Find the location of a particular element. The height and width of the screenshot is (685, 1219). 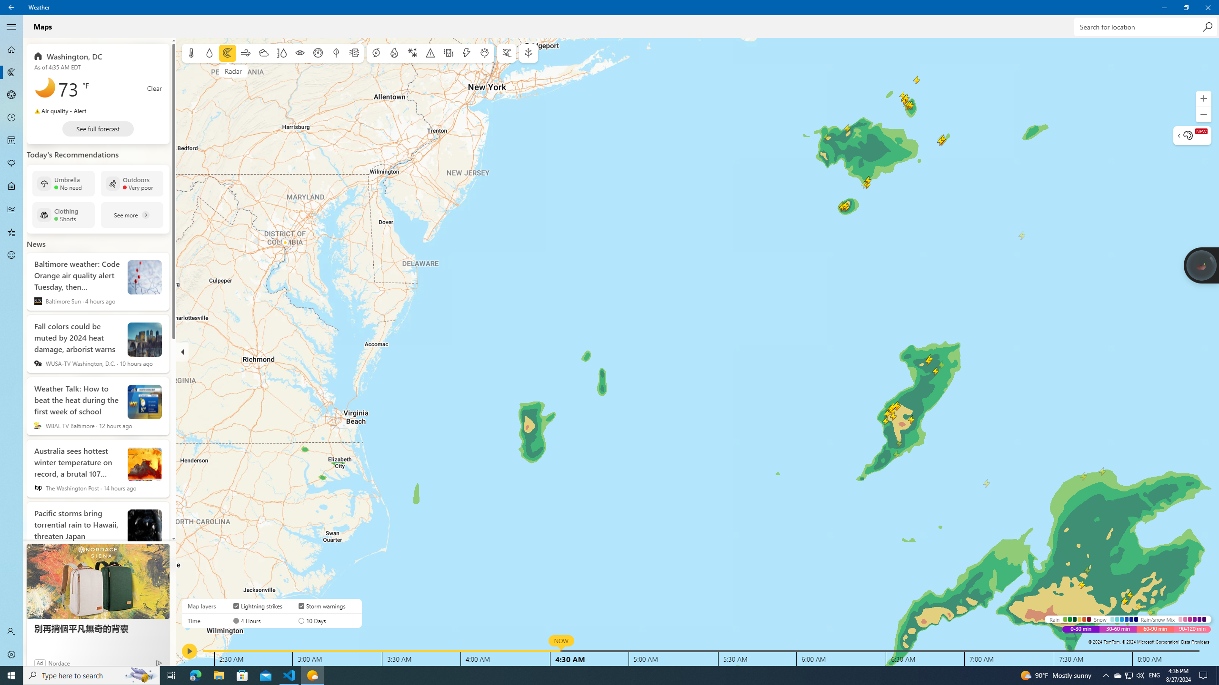

'Type here to search' is located at coordinates (91, 675).